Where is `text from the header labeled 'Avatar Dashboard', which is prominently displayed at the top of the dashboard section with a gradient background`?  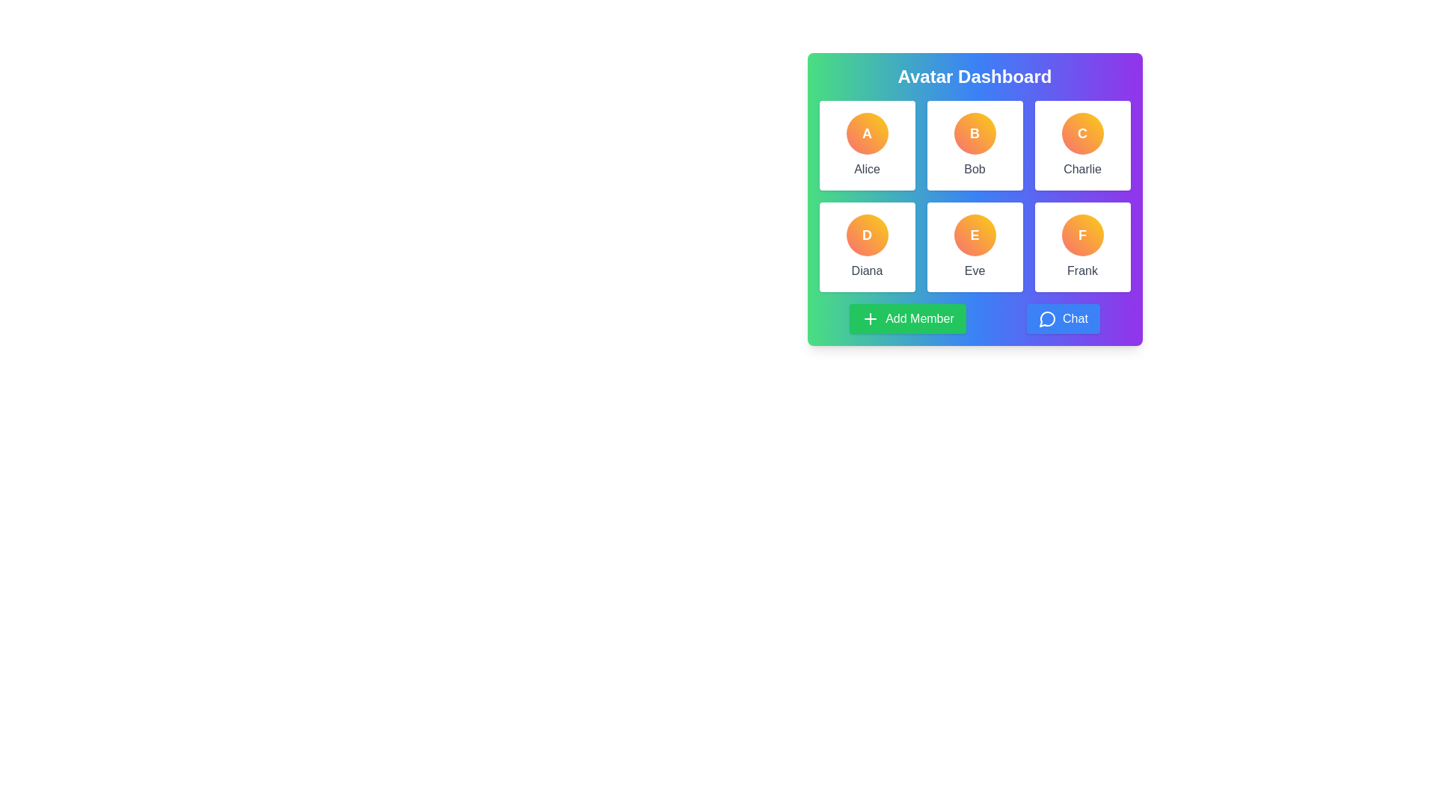 text from the header labeled 'Avatar Dashboard', which is prominently displayed at the top of the dashboard section with a gradient background is located at coordinates (975, 77).